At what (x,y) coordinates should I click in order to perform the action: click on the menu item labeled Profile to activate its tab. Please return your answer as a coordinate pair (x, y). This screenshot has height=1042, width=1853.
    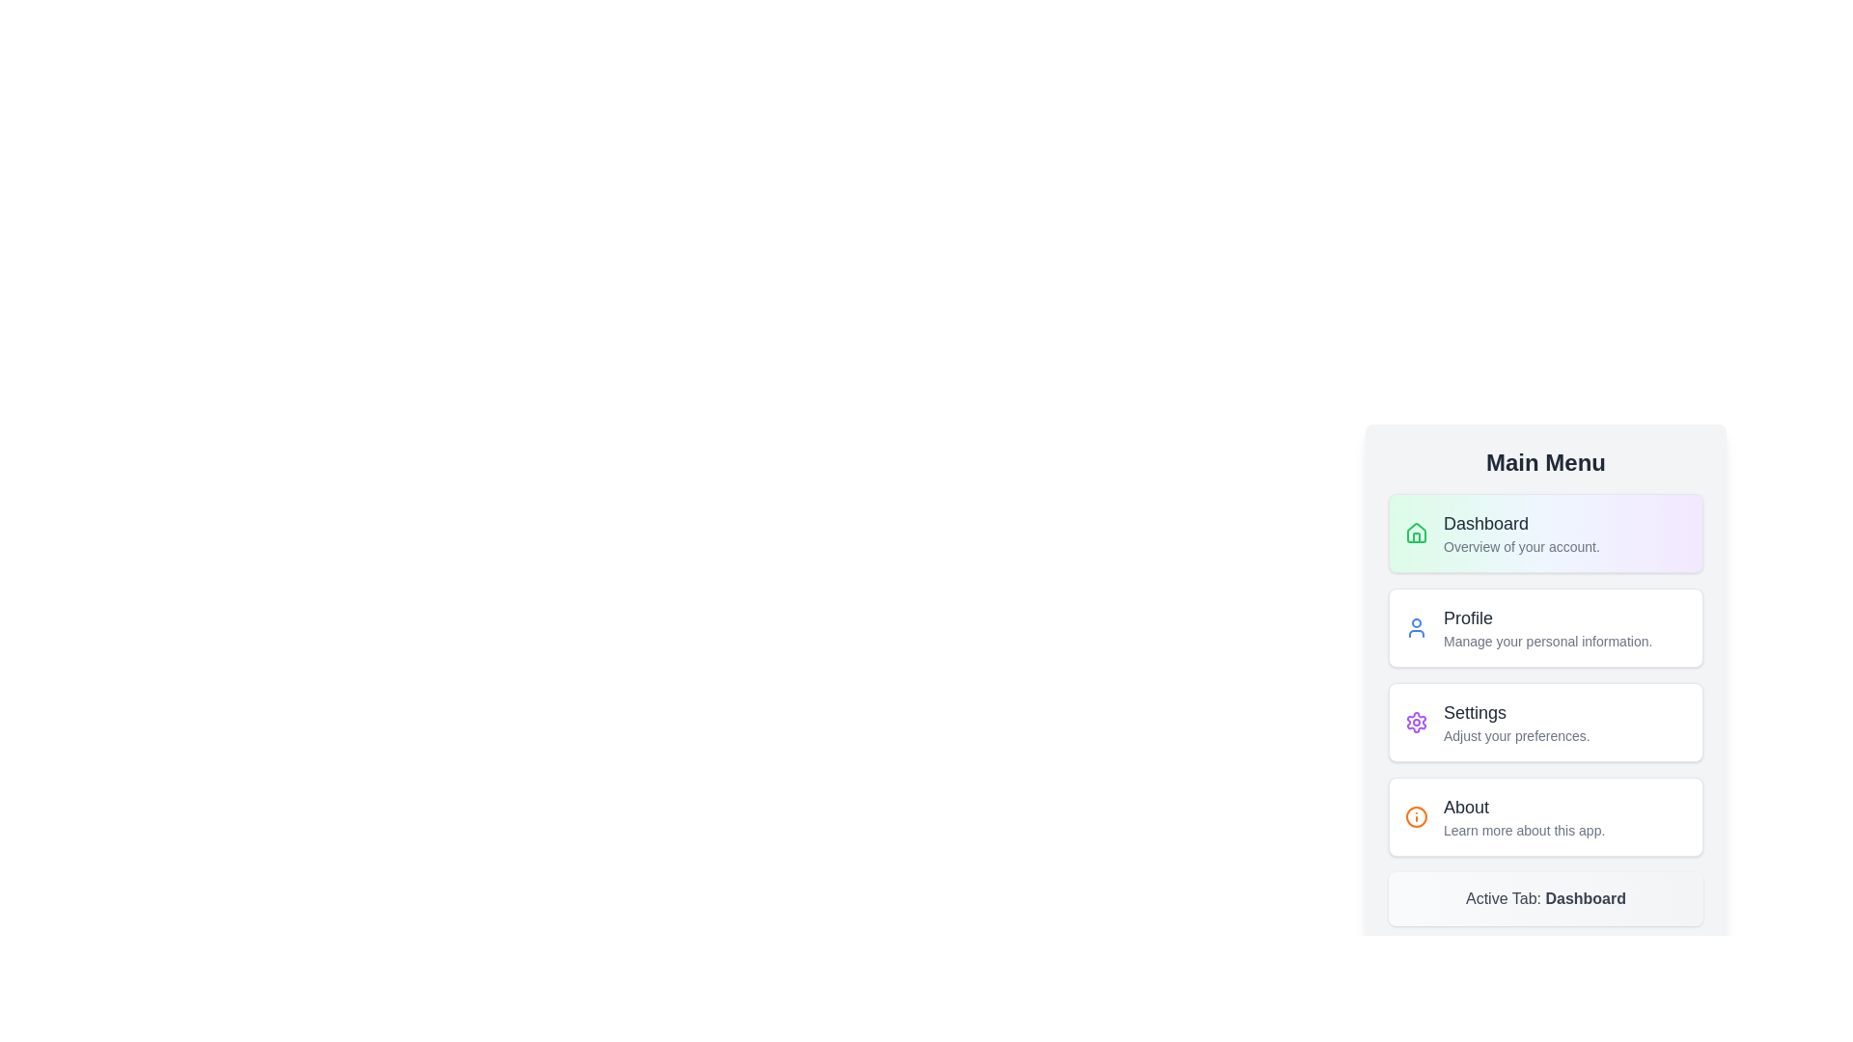
    Looking at the image, I should click on (1546, 628).